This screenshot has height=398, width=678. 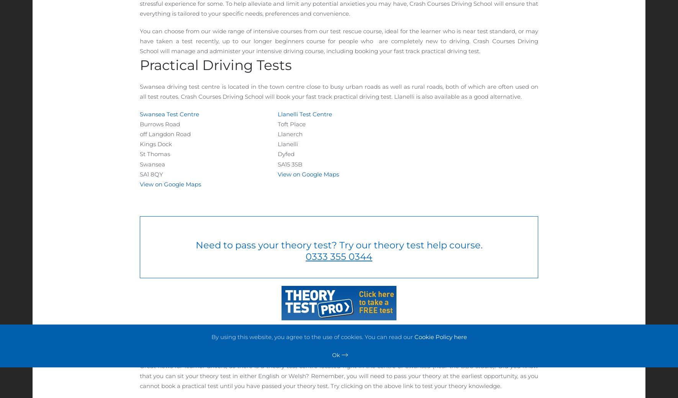 What do you see at coordinates (216, 65) in the screenshot?
I see `'Practical Driving Tests'` at bounding box center [216, 65].